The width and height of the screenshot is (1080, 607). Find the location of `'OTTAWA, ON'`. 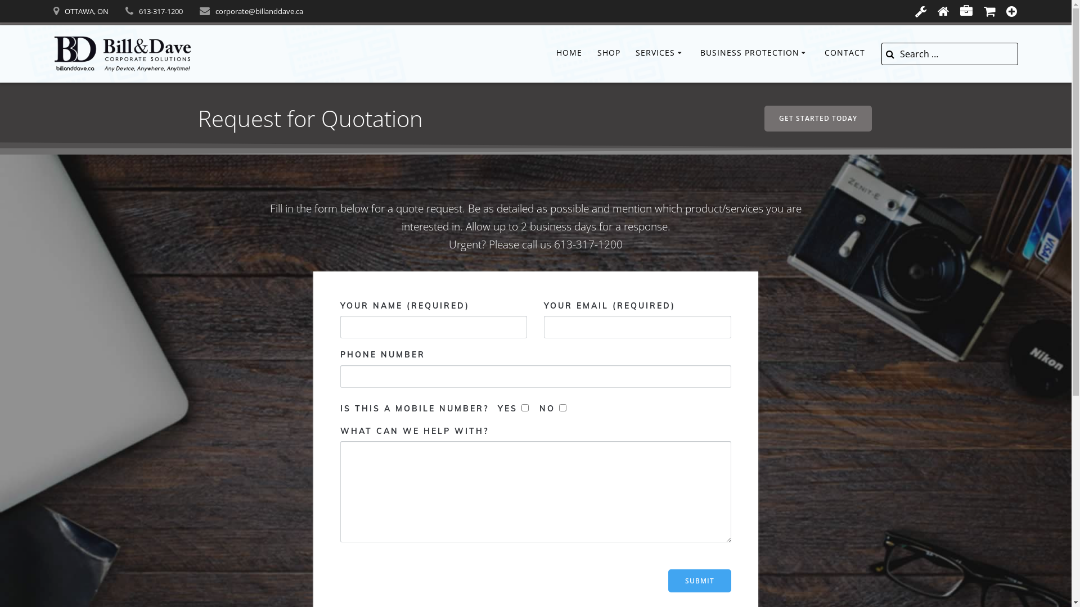

'OTTAWA, ON' is located at coordinates (85, 11).